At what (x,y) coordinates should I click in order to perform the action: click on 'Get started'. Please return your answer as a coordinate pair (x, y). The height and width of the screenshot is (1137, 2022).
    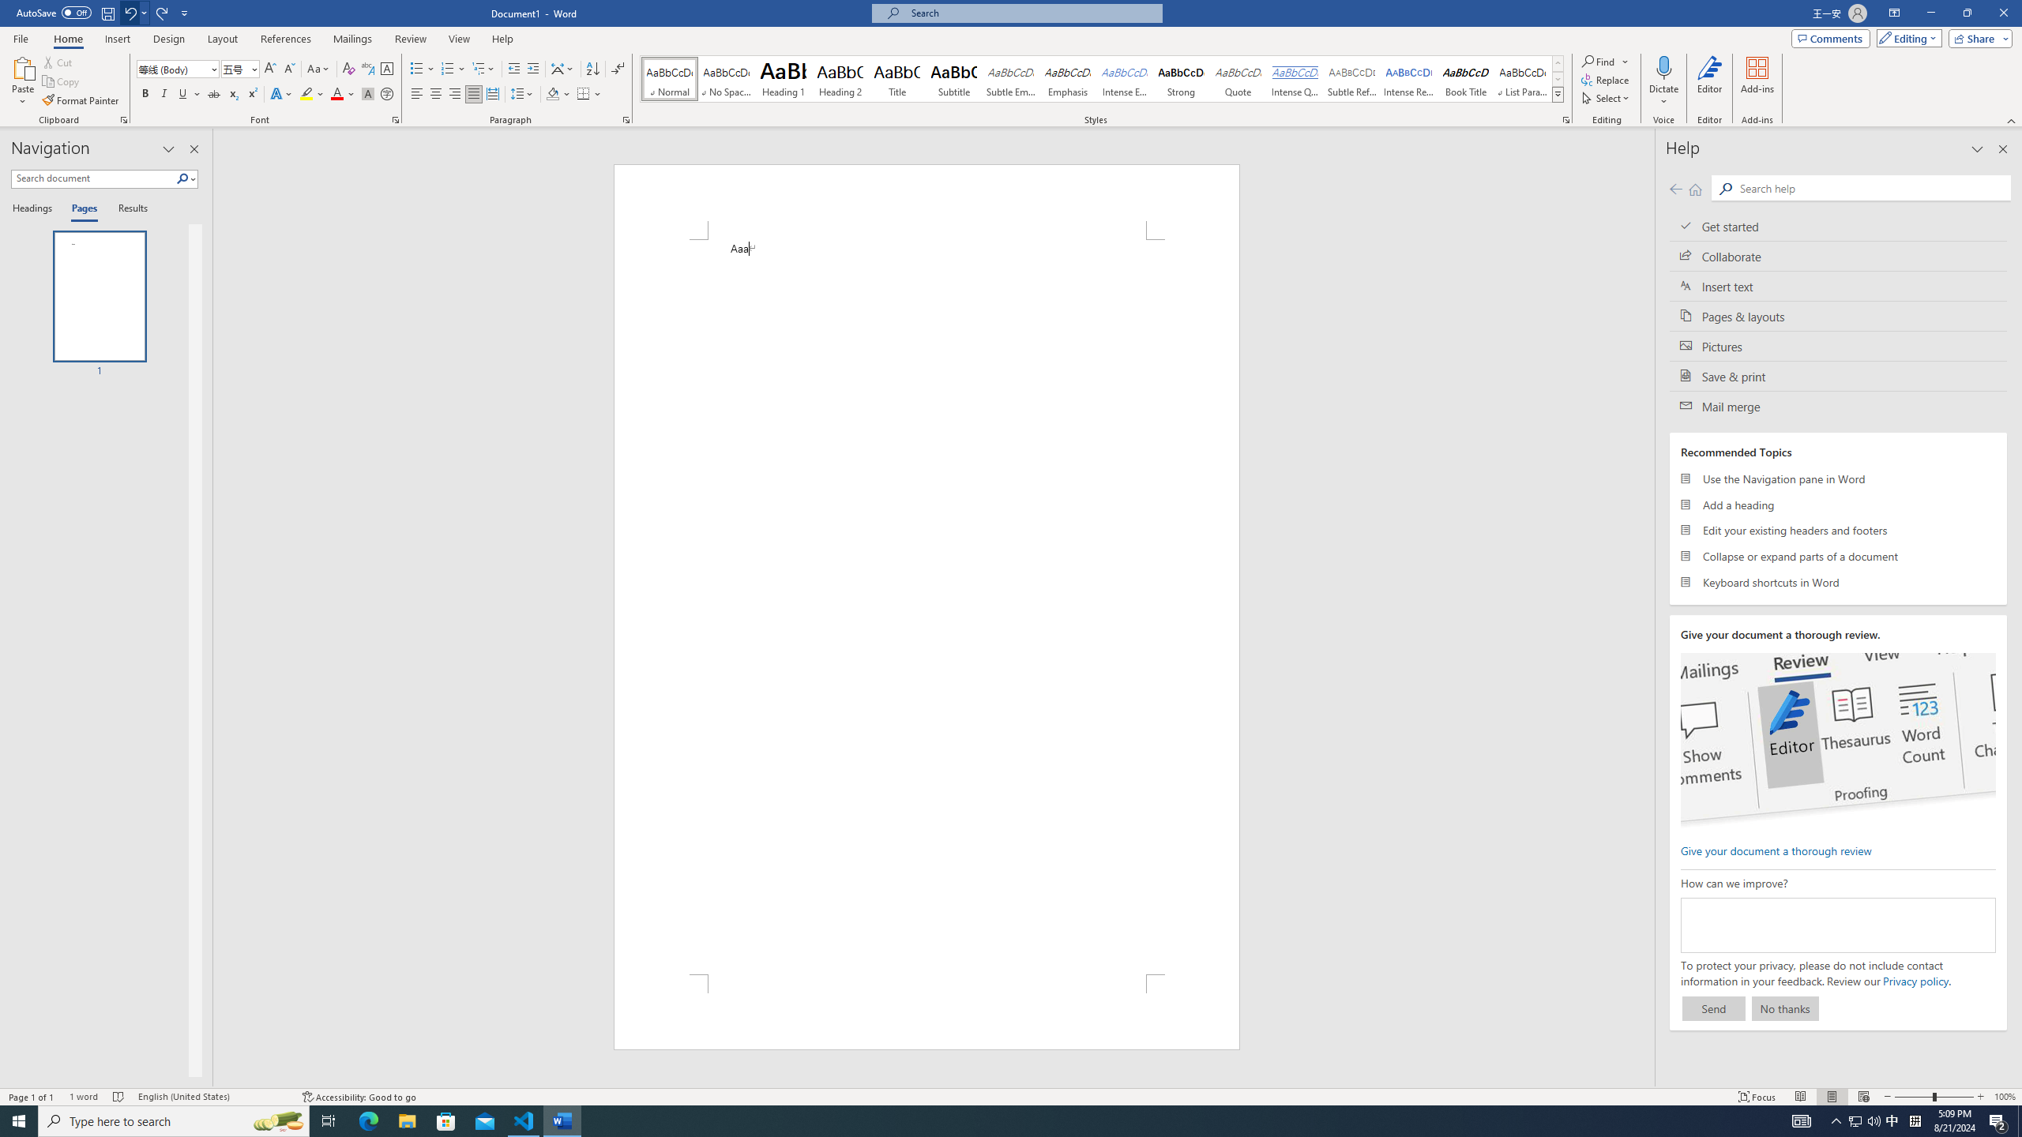
    Looking at the image, I should click on (1838, 226).